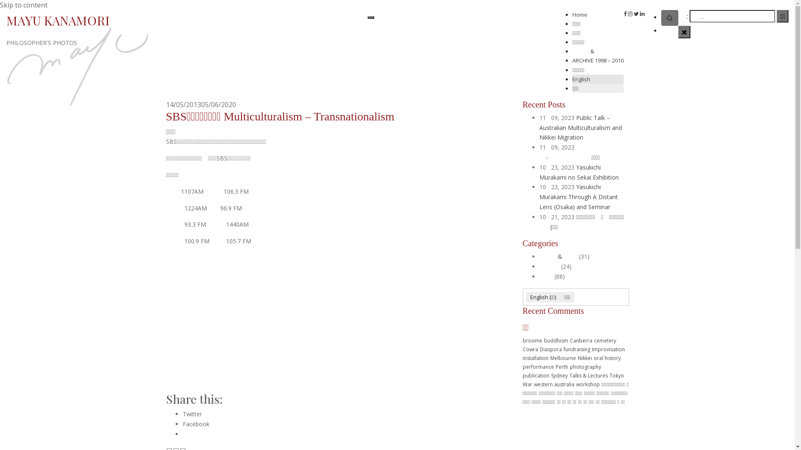  Describe the element at coordinates (367, 17) in the screenshot. I see `'Toggle mobile menu'` at that location.